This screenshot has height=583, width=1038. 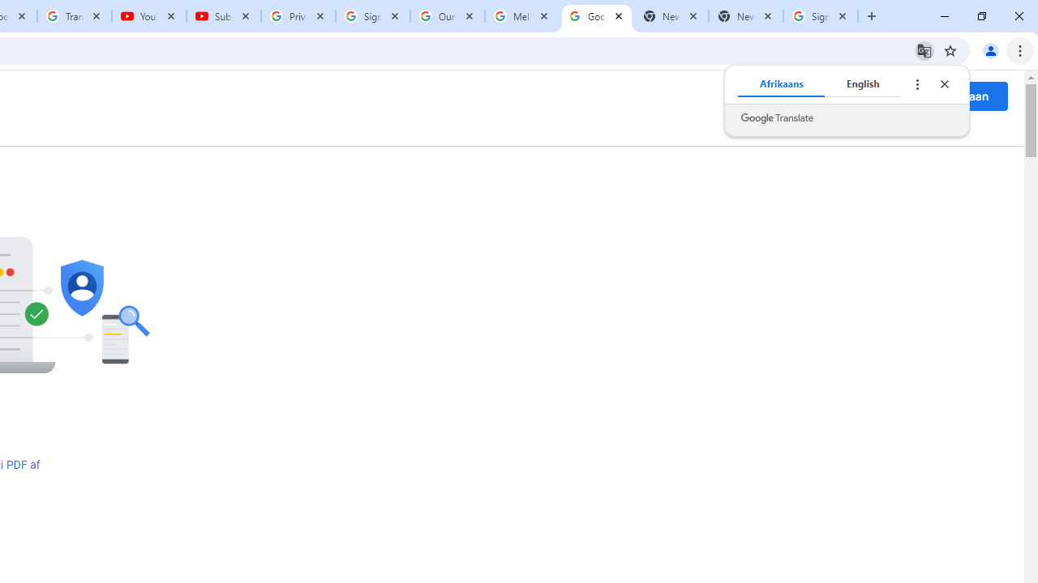 What do you see at coordinates (924, 49) in the screenshot?
I see `'Translate this page'` at bounding box center [924, 49].